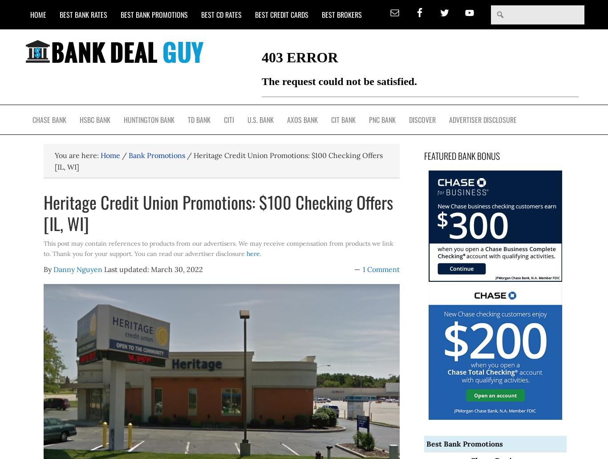  Describe the element at coordinates (369, 119) in the screenshot. I see `'PNC Bank'` at that location.